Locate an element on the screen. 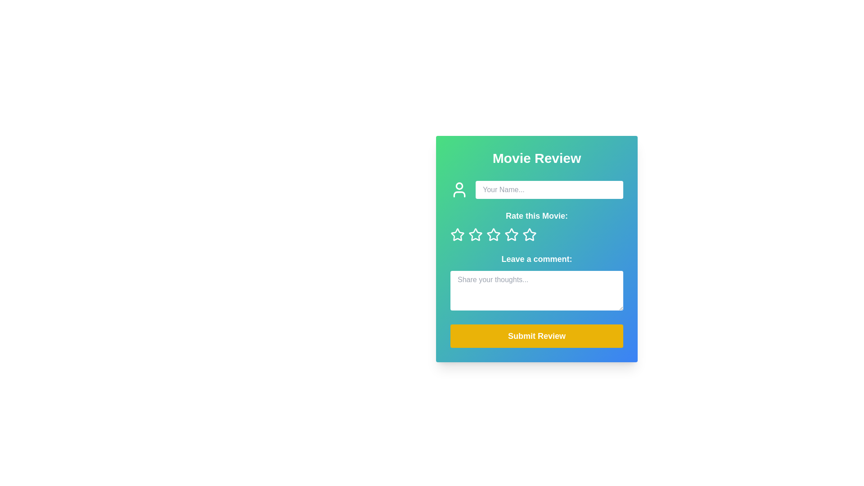  the second star from the left in the horizontal row of star icons labeled 'Rate this Movie:' is located at coordinates (475, 234).